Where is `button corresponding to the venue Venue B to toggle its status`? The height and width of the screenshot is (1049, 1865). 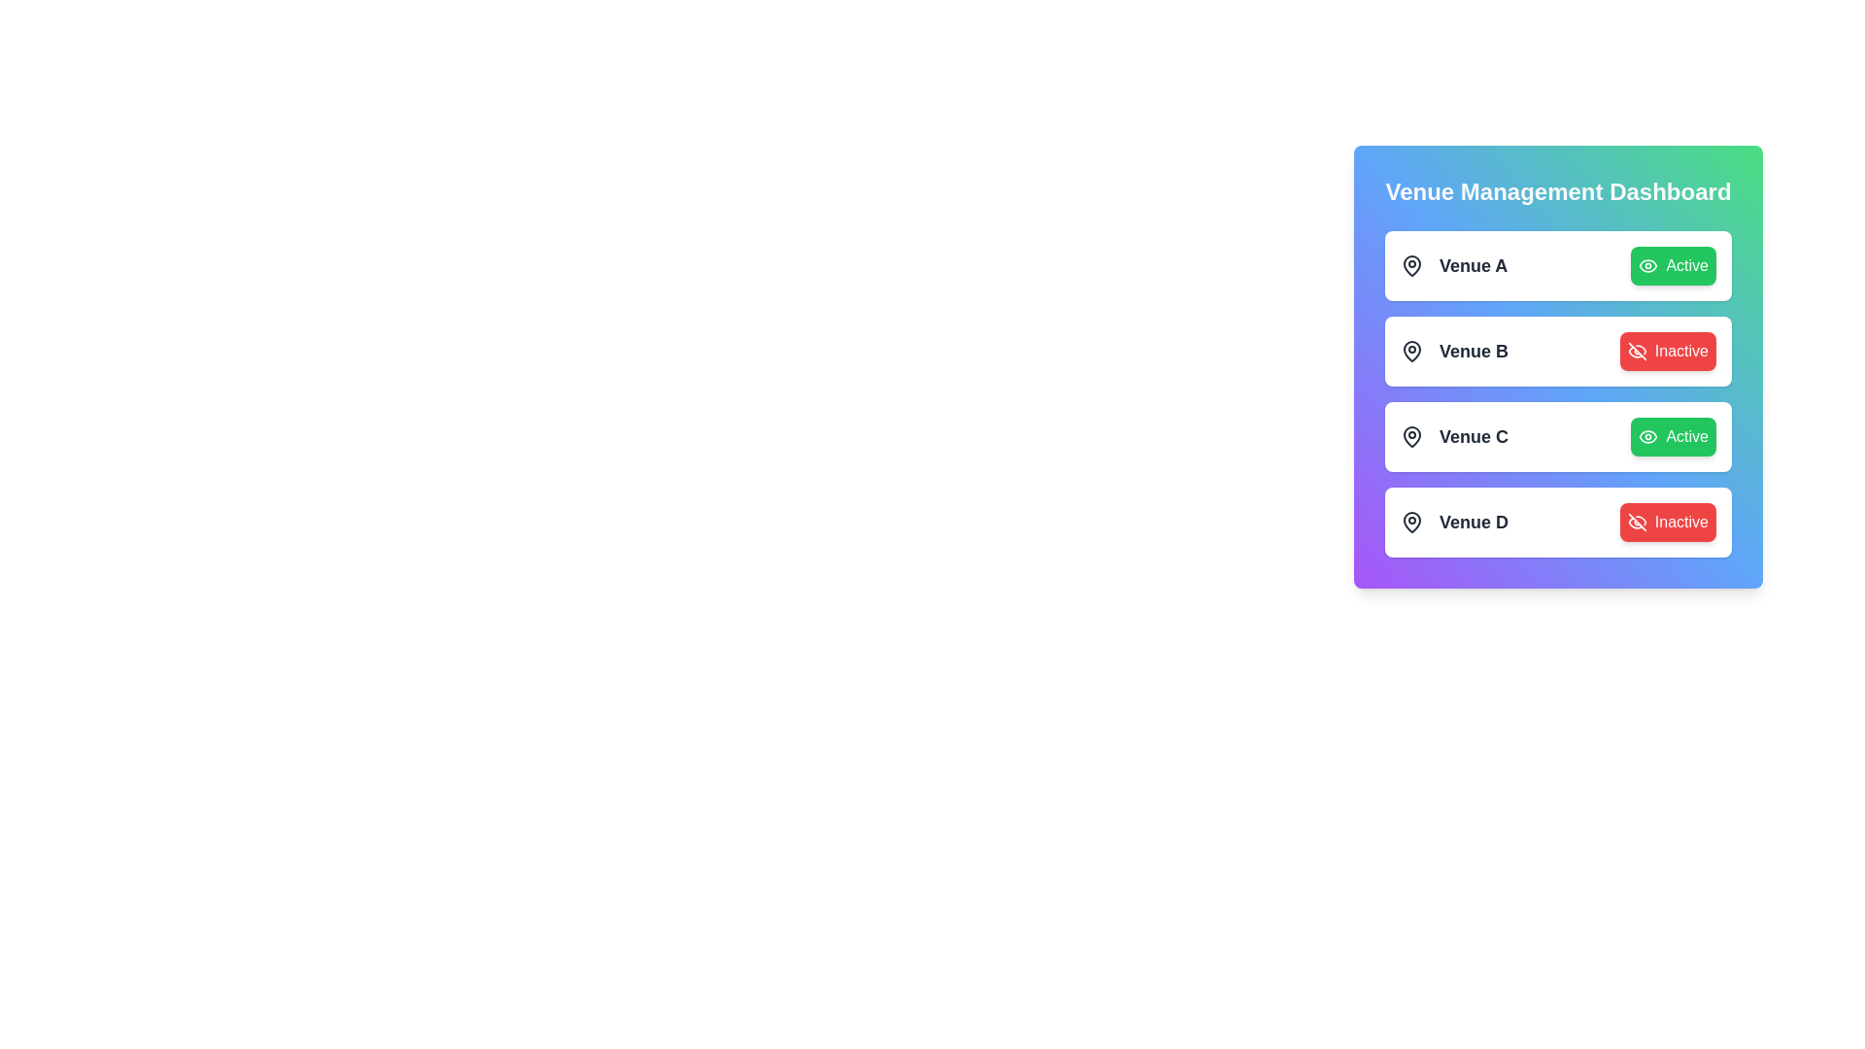 button corresponding to the venue Venue B to toggle its status is located at coordinates (1667, 352).